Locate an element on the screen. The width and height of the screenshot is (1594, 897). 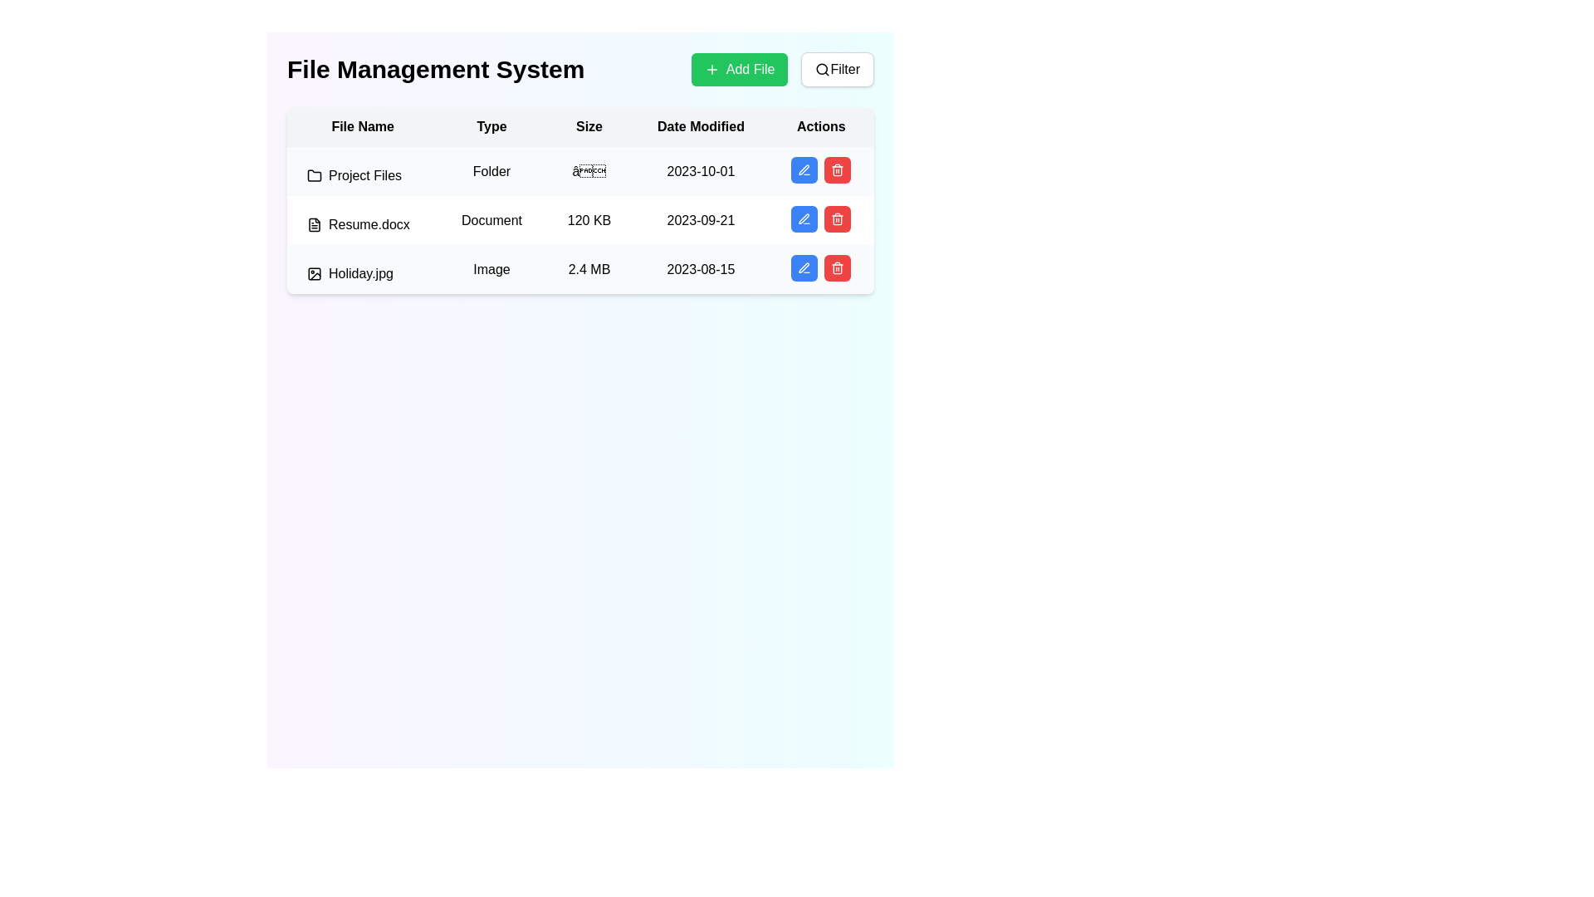
the delete button in the 'Actions' column of the last row in the table is located at coordinates (838, 267).